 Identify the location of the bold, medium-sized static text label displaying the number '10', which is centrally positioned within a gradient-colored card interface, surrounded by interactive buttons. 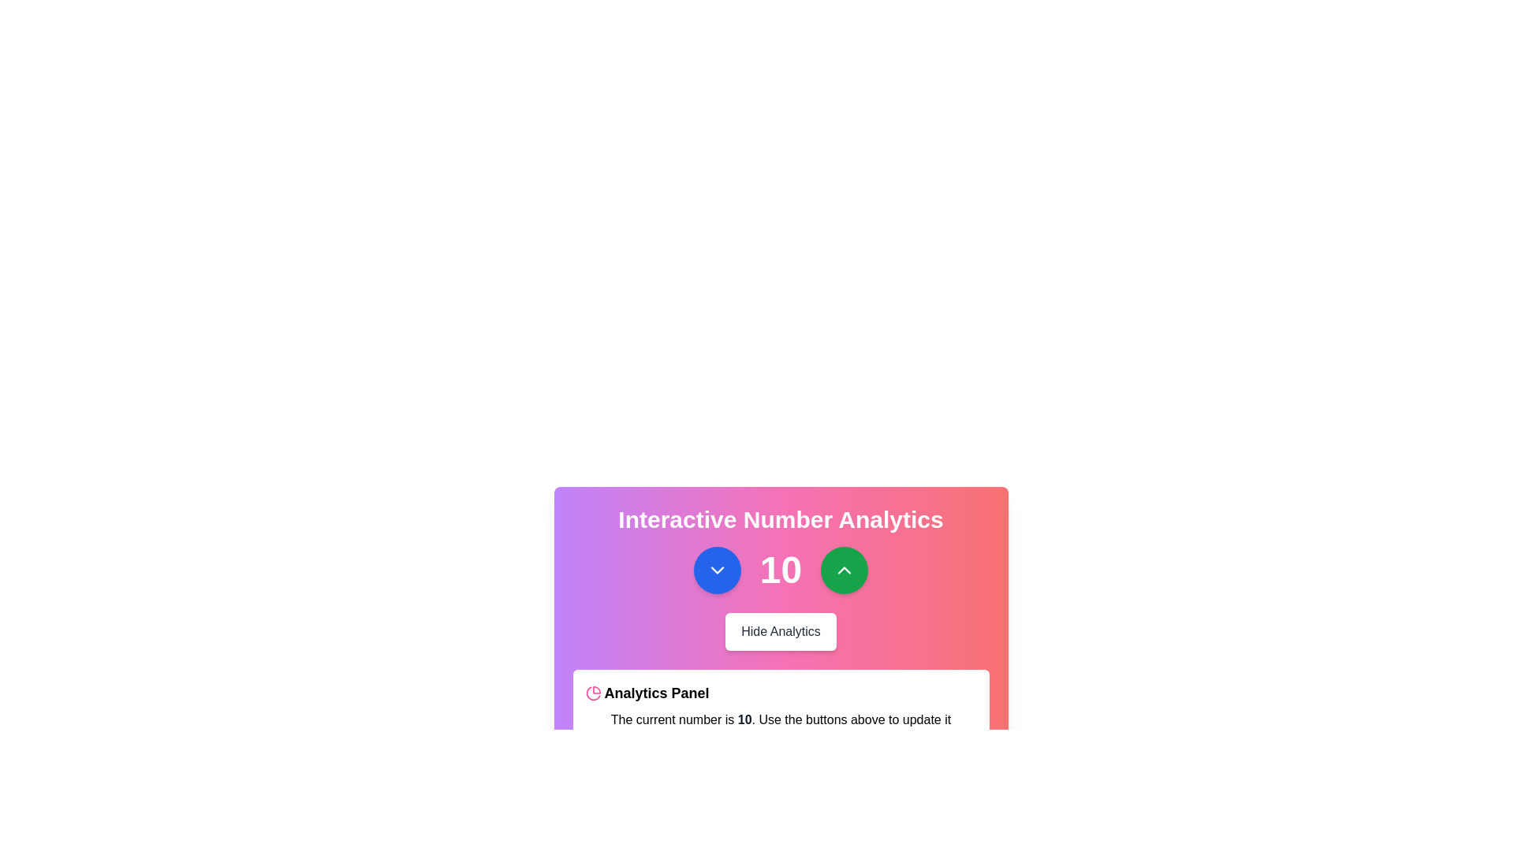
(744, 719).